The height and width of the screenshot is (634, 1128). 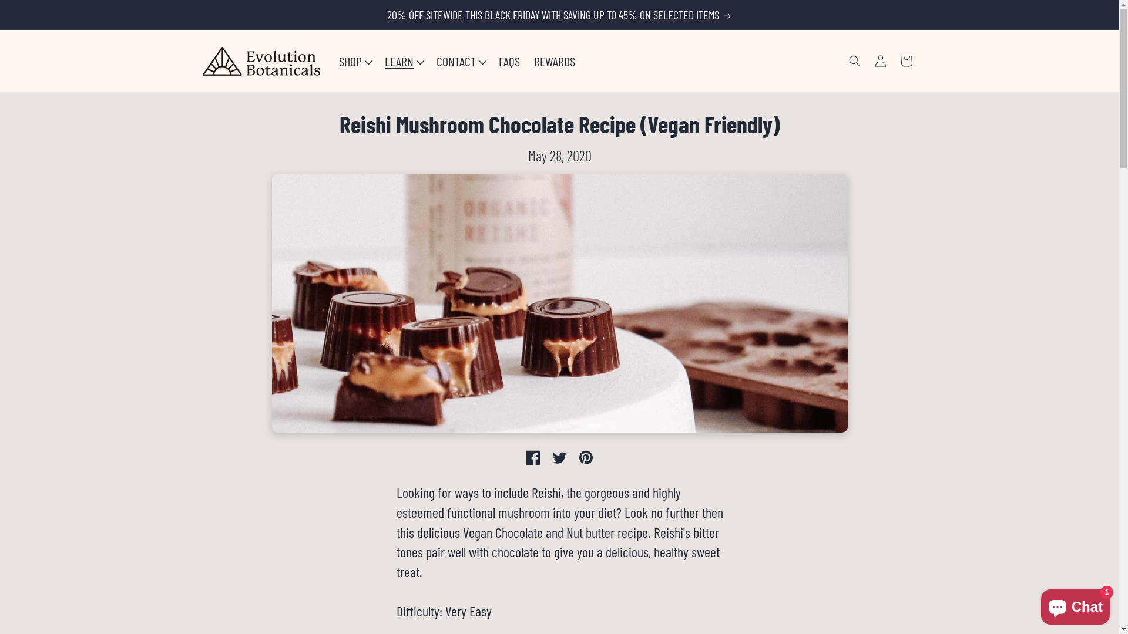 What do you see at coordinates (905, 61) in the screenshot?
I see `'Cart'` at bounding box center [905, 61].